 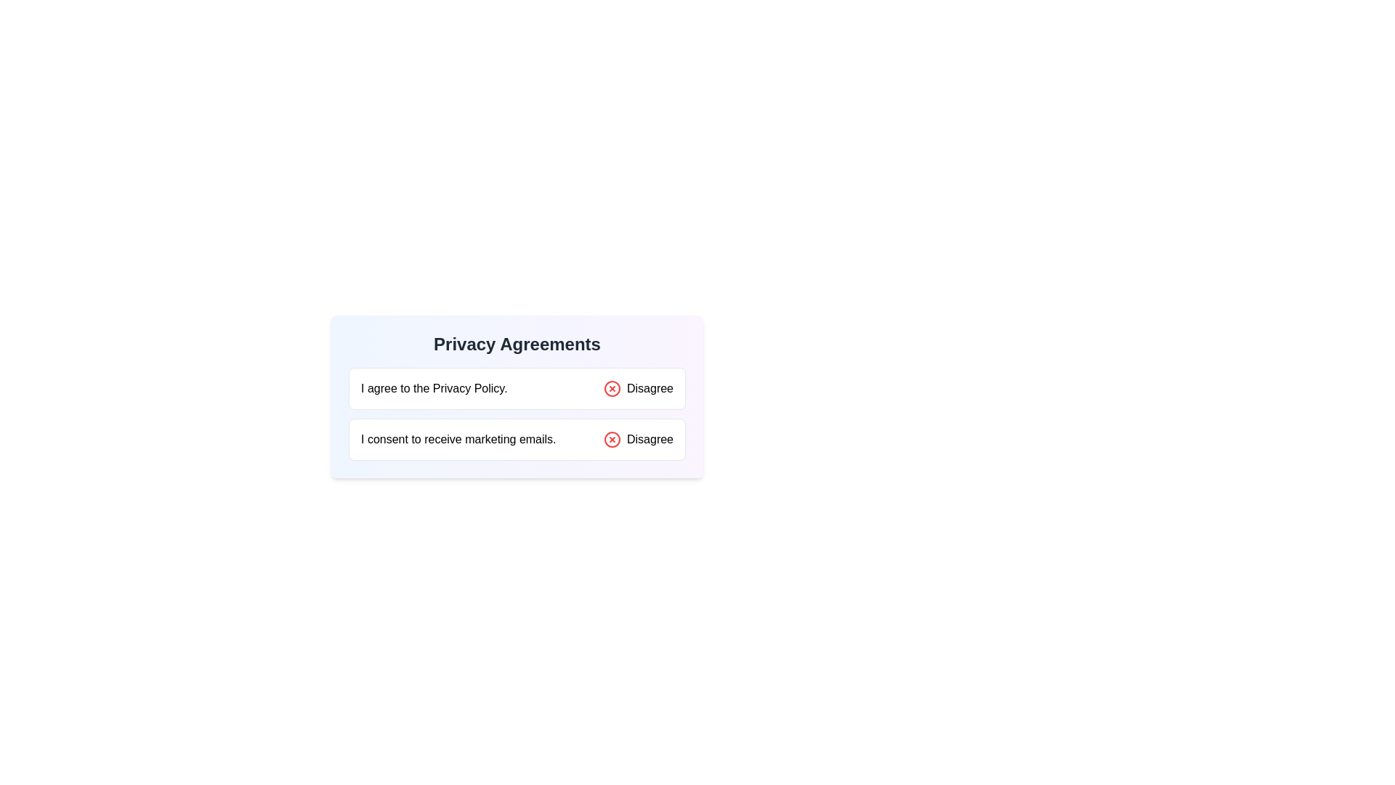 I want to click on graphical vector element representing part of the disagreement icon located in the top-right corner of the 'Disagree' button in the 'Privacy Agreements' section, so click(x=612, y=439).